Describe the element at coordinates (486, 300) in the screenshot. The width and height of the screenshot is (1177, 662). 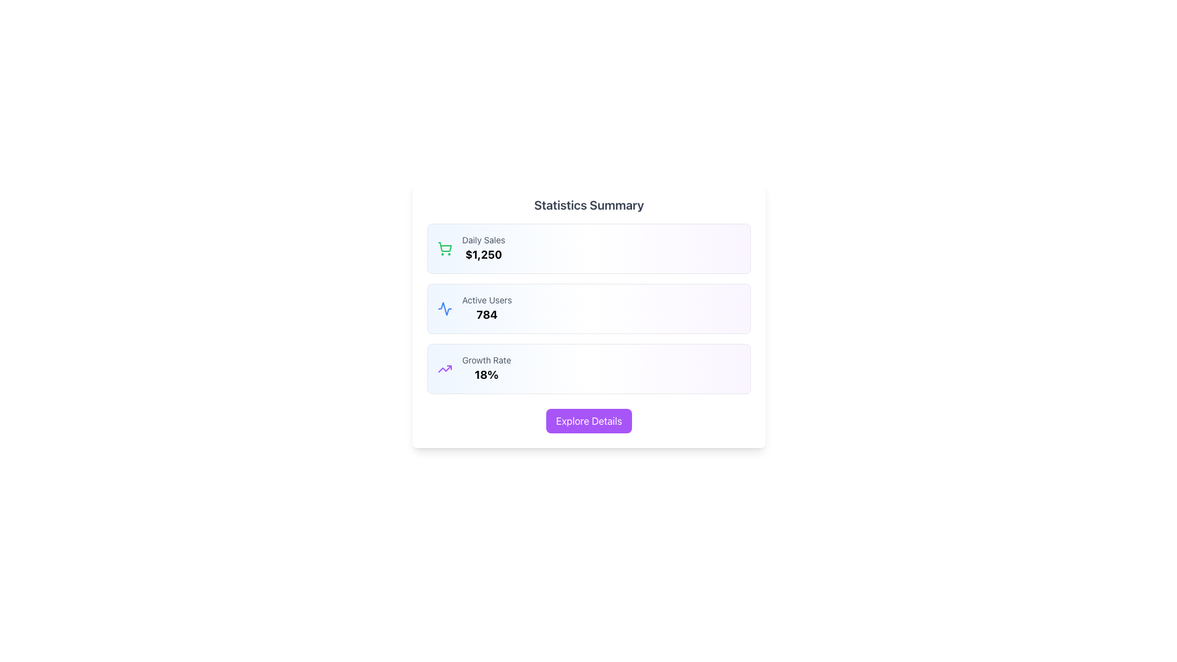
I see `the text label displaying 'Active Users' in a lighter gray color, positioned above the number '784' within the middle summary card` at that location.